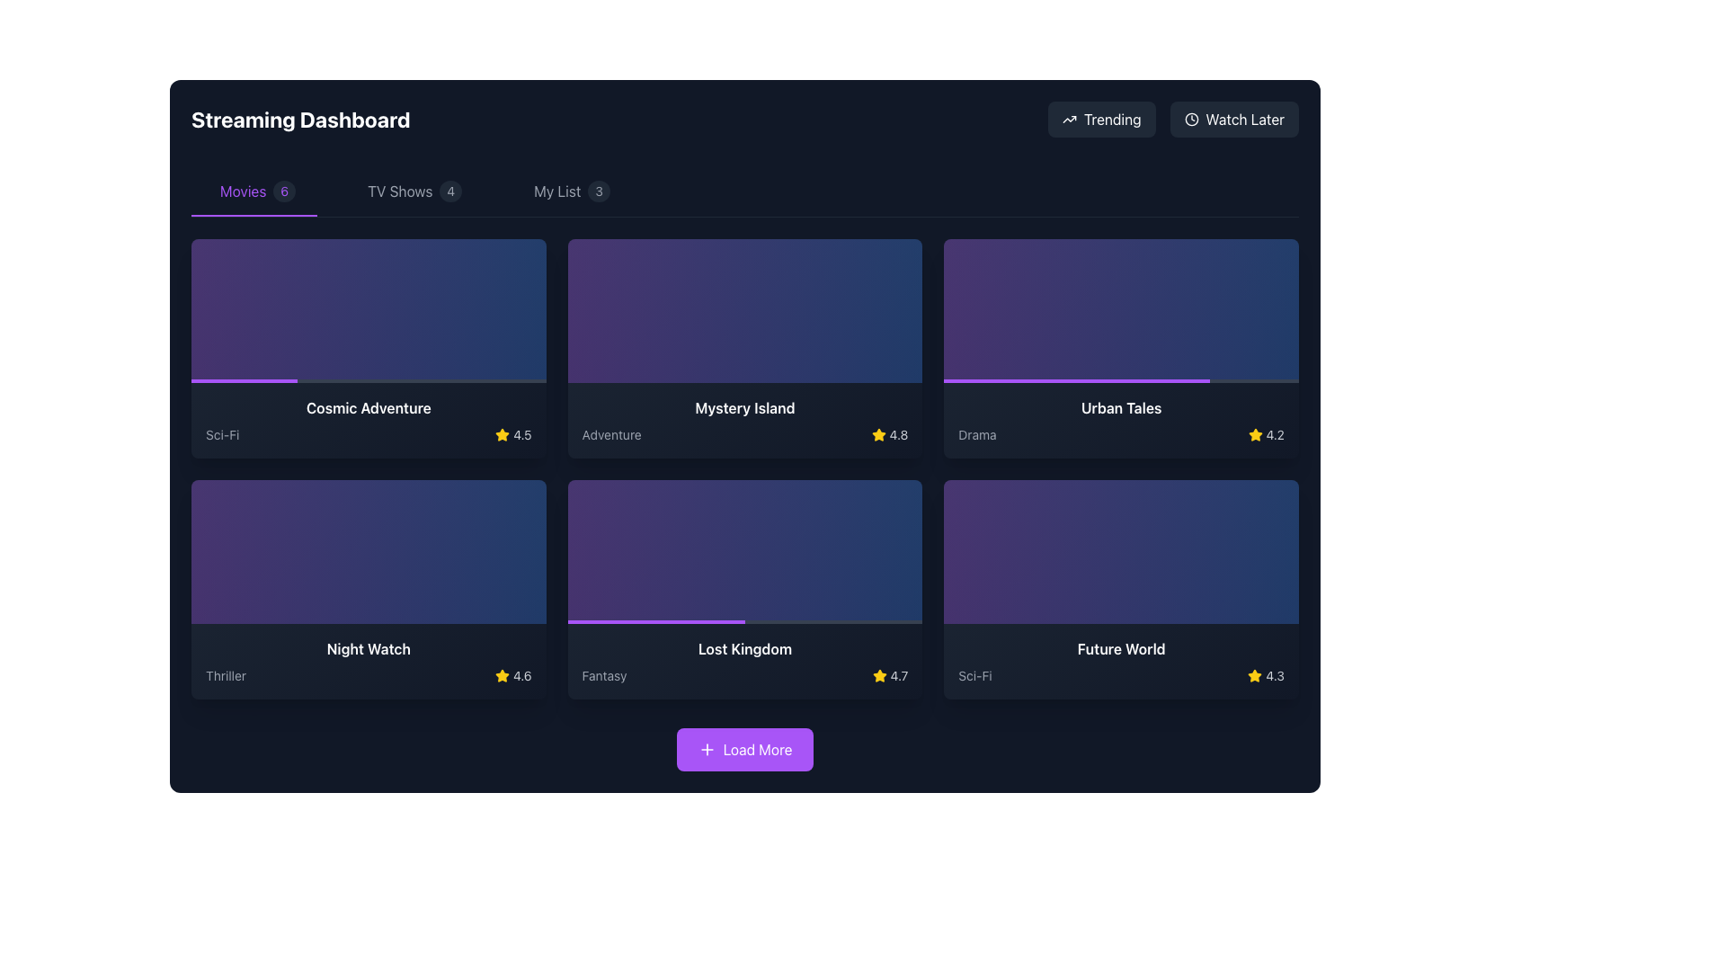  I want to click on the button with an icon and text that adds items to the 'Watch Later' list, located in the header section to the right of the 'Trending' button, so click(1233, 119).